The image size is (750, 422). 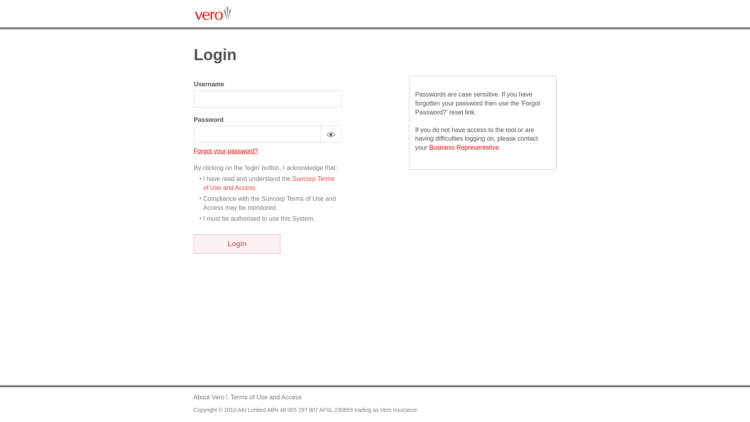 What do you see at coordinates (266, 397) in the screenshot?
I see `'Terms of Use and Access'` at bounding box center [266, 397].